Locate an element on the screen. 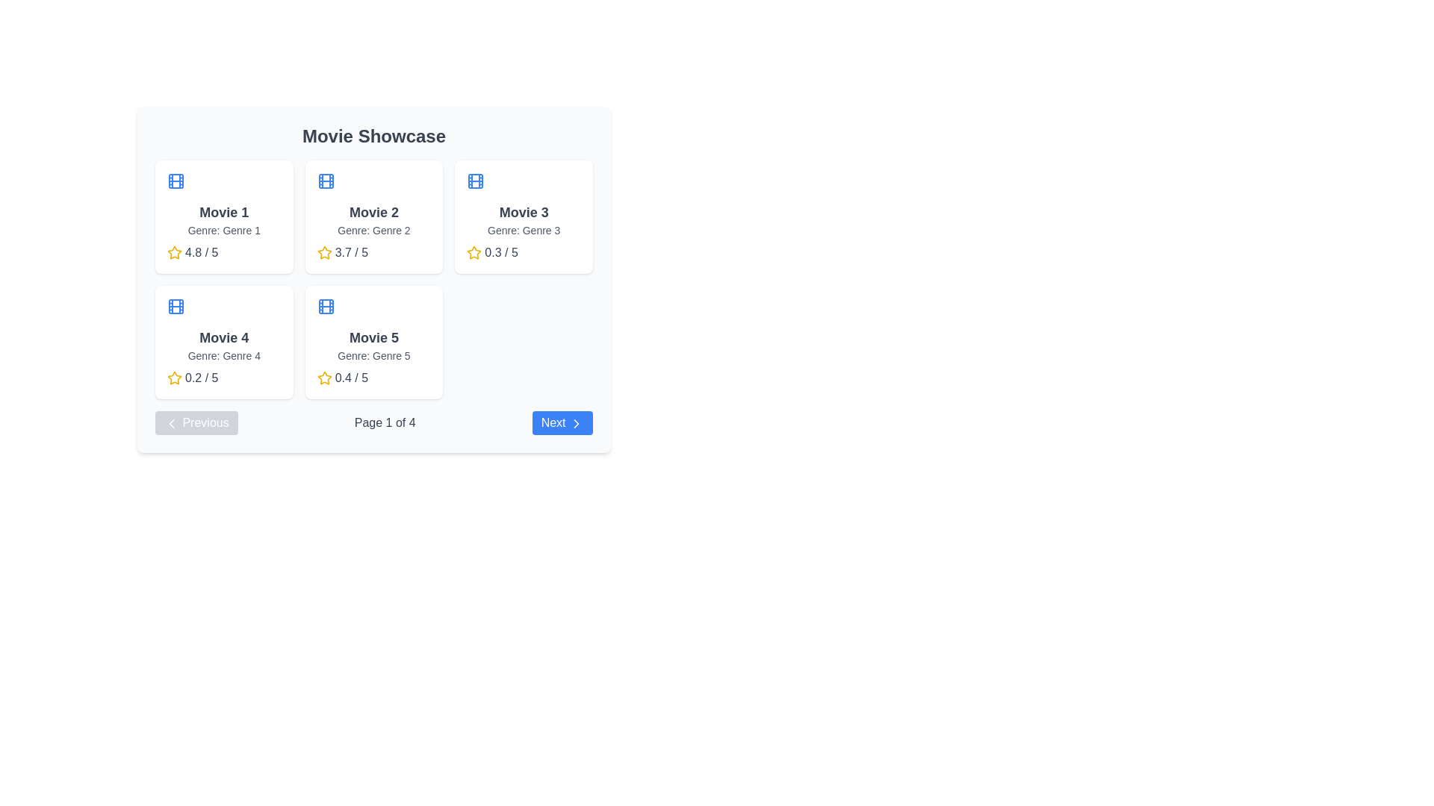 The image size is (1434, 806). the 'Next' button, which is a rectangular button with rounded corners, blue background, and white text is located at coordinates (562, 423).